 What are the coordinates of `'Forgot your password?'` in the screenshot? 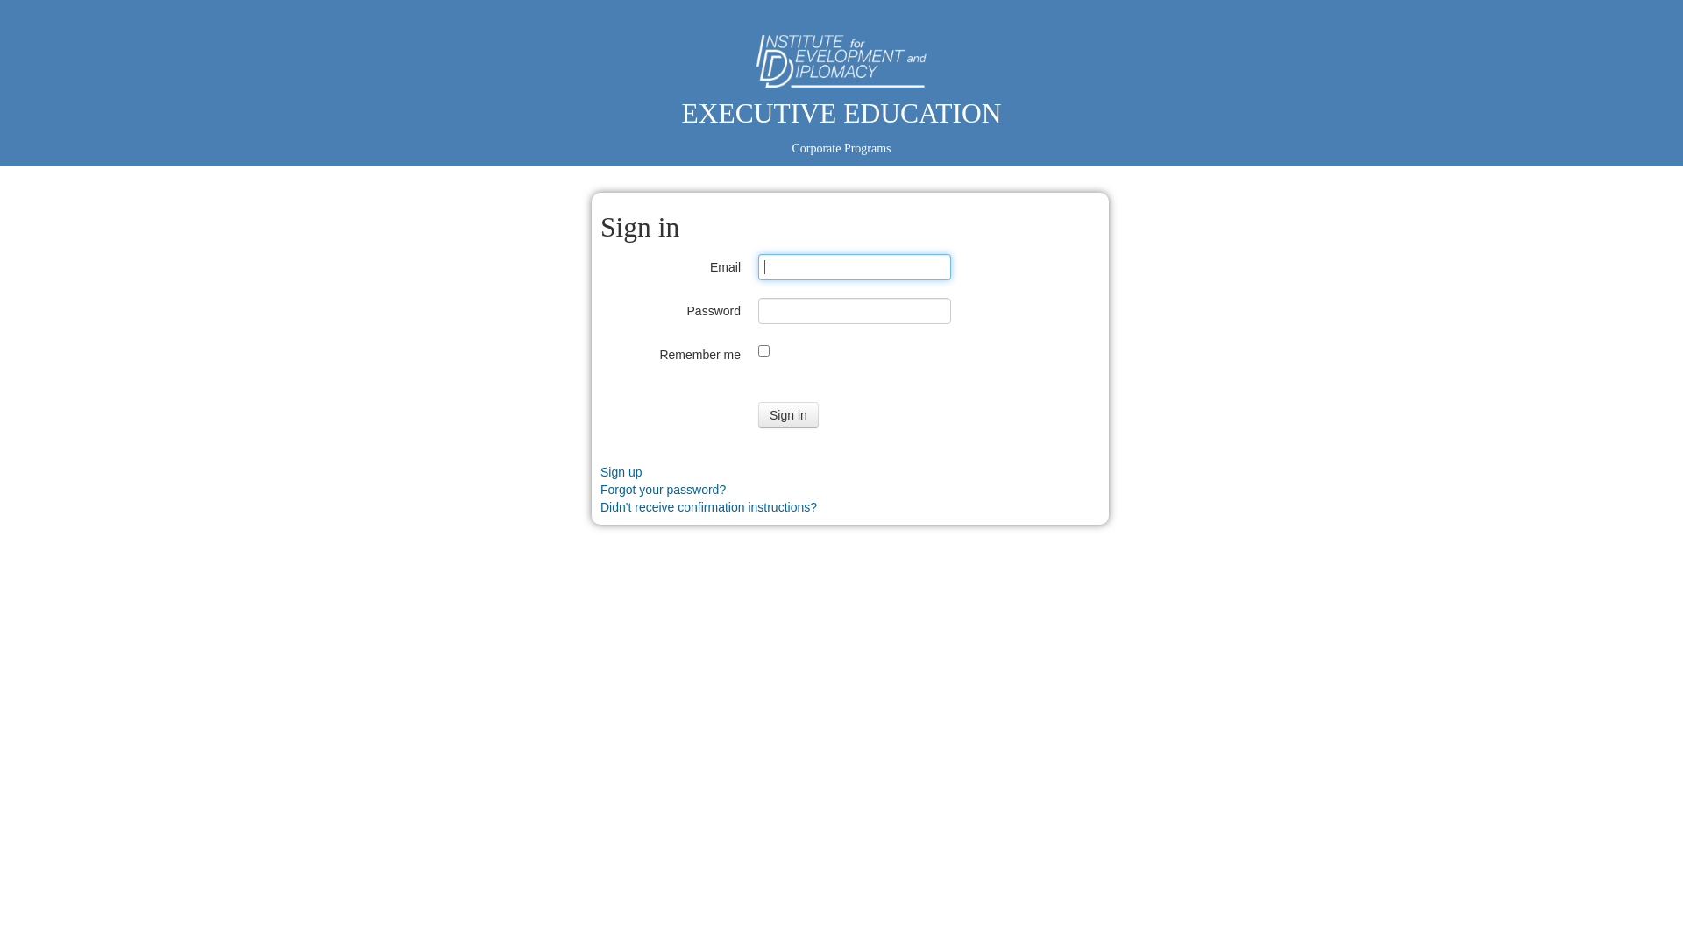 It's located at (662, 490).